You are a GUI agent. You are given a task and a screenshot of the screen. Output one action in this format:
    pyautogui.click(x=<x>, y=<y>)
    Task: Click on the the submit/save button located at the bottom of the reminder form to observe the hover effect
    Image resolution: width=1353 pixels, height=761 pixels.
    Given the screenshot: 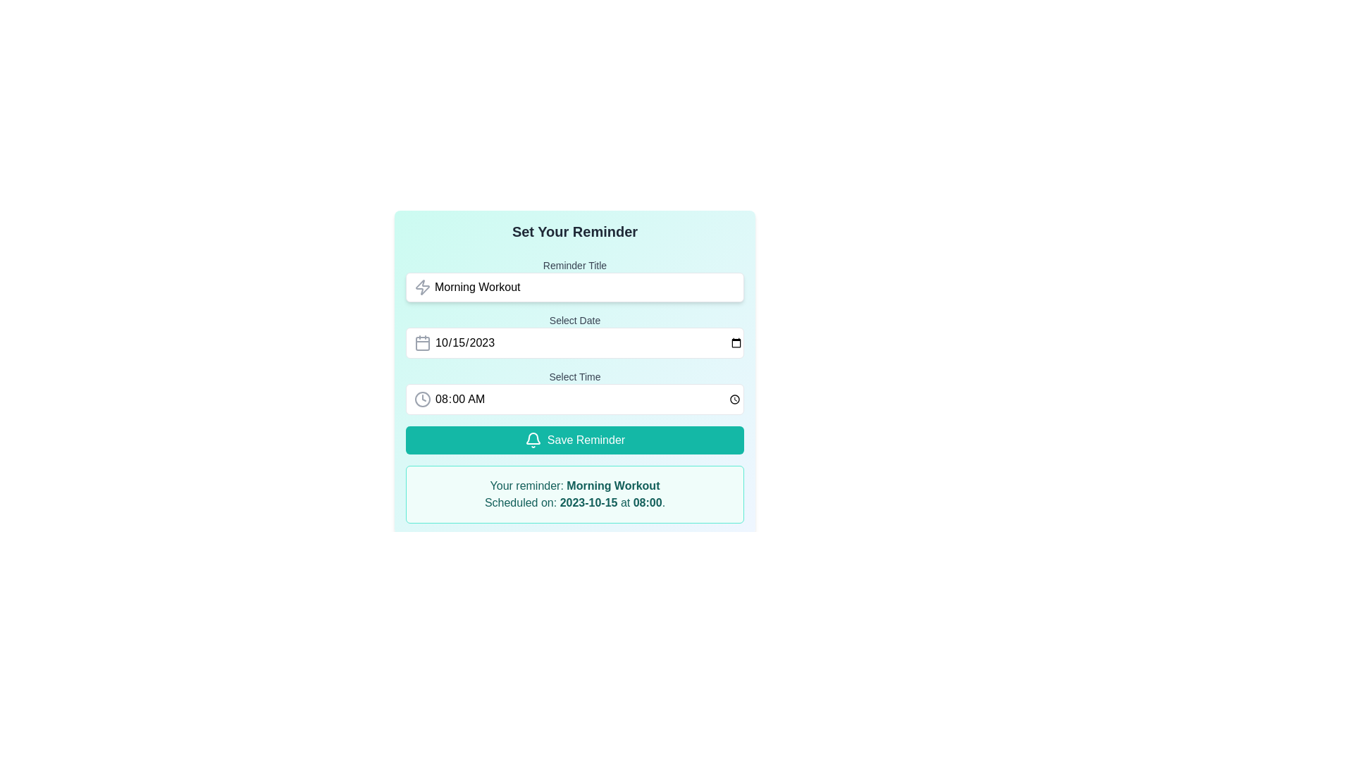 What is the action you would take?
    pyautogui.click(x=575, y=439)
    